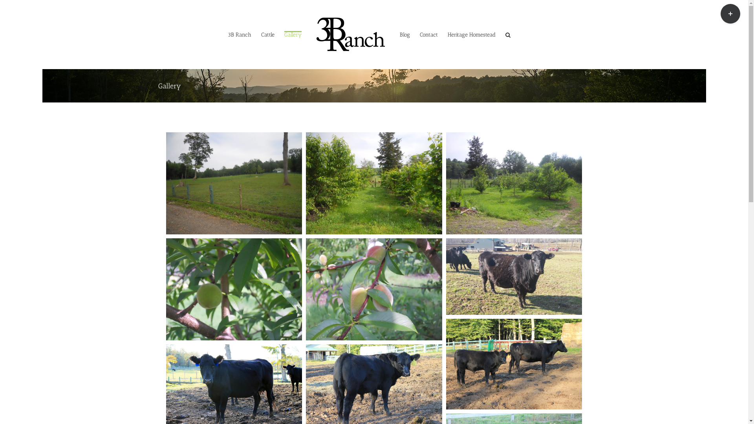 Image resolution: width=754 pixels, height=424 pixels. Describe the element at coordinates (448, 34) in the screenshot. I see `'Heritage Homestead'` at that location.